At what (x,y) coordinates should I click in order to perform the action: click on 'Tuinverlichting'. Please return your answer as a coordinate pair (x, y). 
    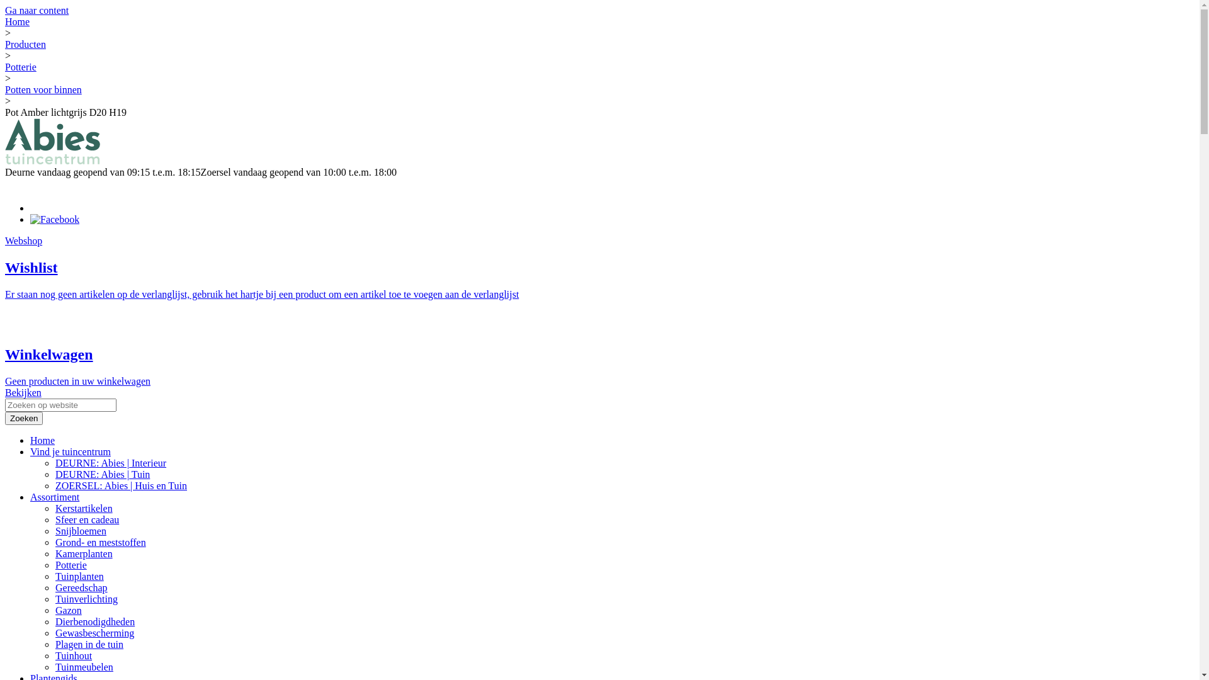
    Looking at the image, I should click on (86, 598).